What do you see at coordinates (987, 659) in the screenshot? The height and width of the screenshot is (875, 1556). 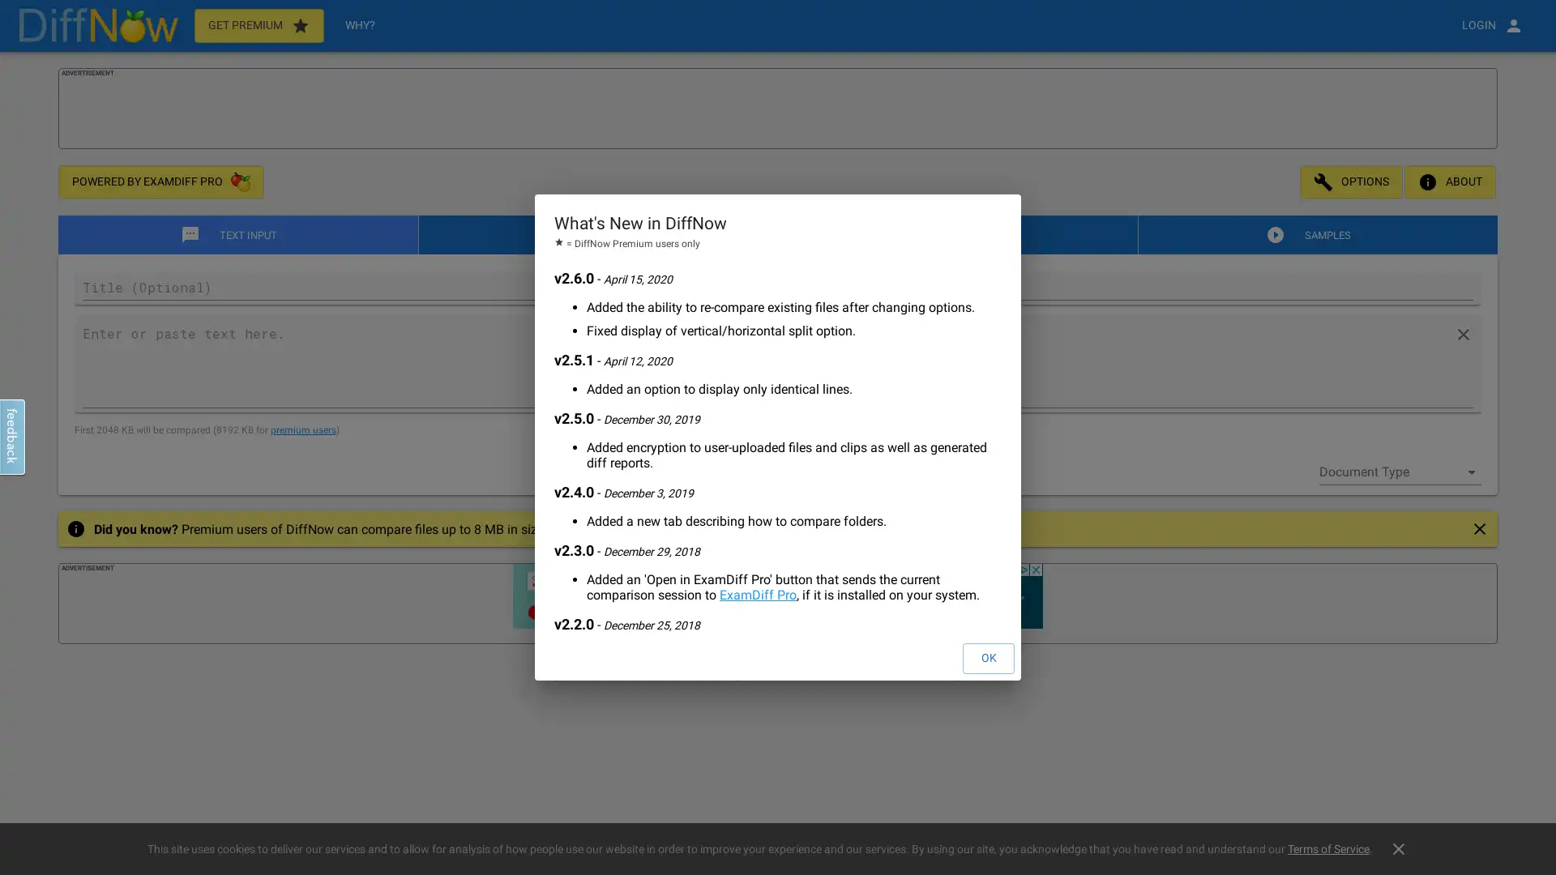 I see `OK` at bounding box center [987, 659].